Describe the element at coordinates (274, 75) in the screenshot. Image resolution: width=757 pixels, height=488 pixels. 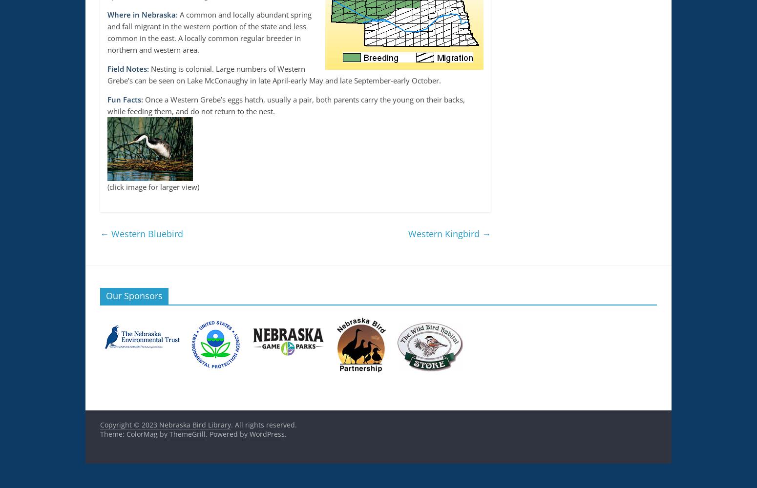
I see `'Nesting is colonial. Large numbers of Western Grebe’s can be seen on Lake McConaughy in late April-early May and late September-early October.'` at that location.